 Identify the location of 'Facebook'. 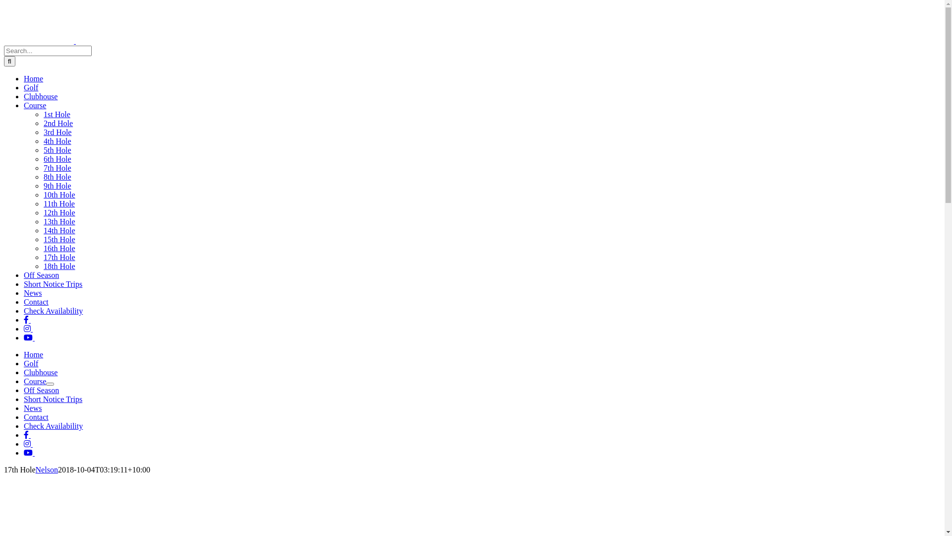
(27, 434).